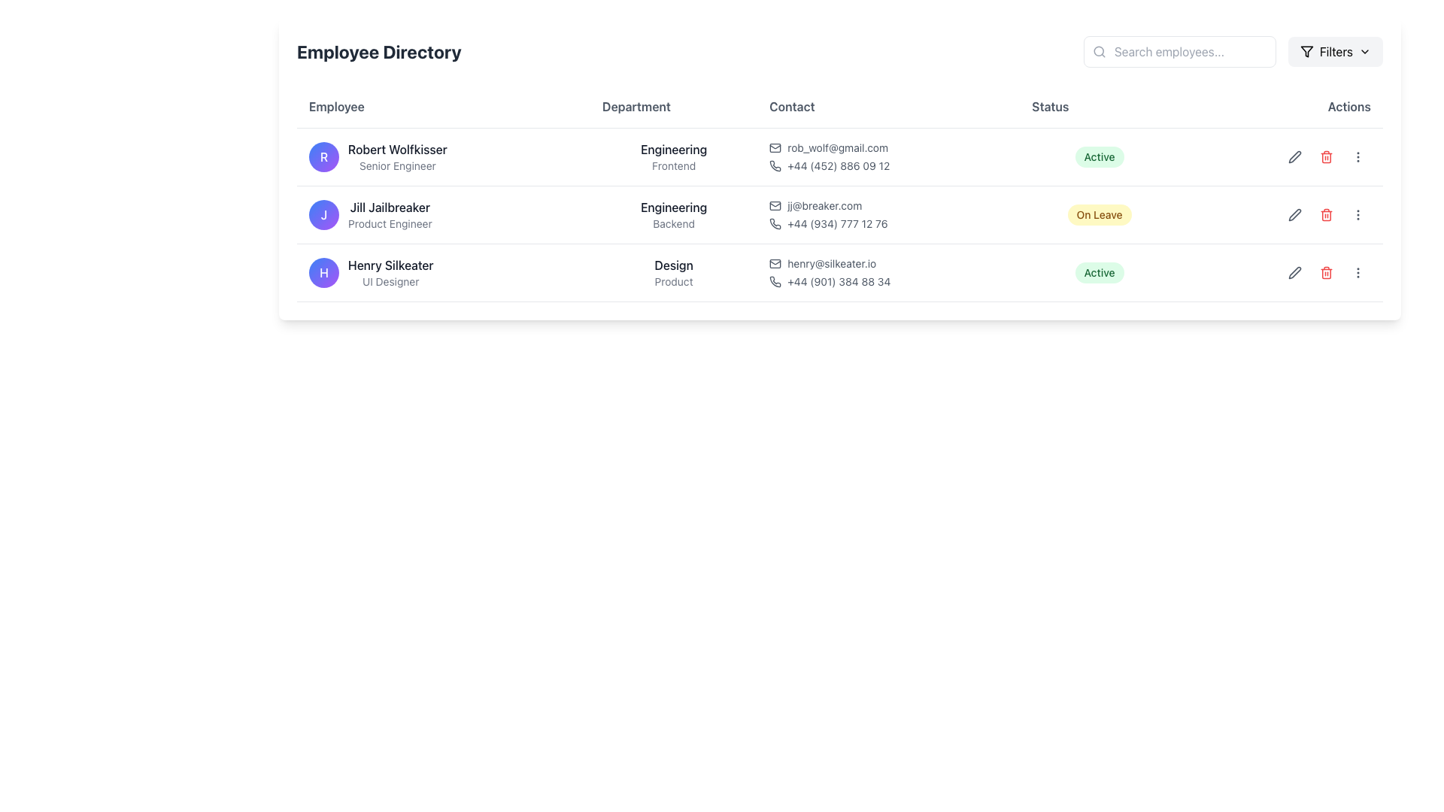  I want to click on text block that provides information about an individual, specifically their name and job role, located on the left side of the third row in the employee listing table, to the right of the circular avatar with the letter 'H' and above the 'Design' department column, so click(390, 272).